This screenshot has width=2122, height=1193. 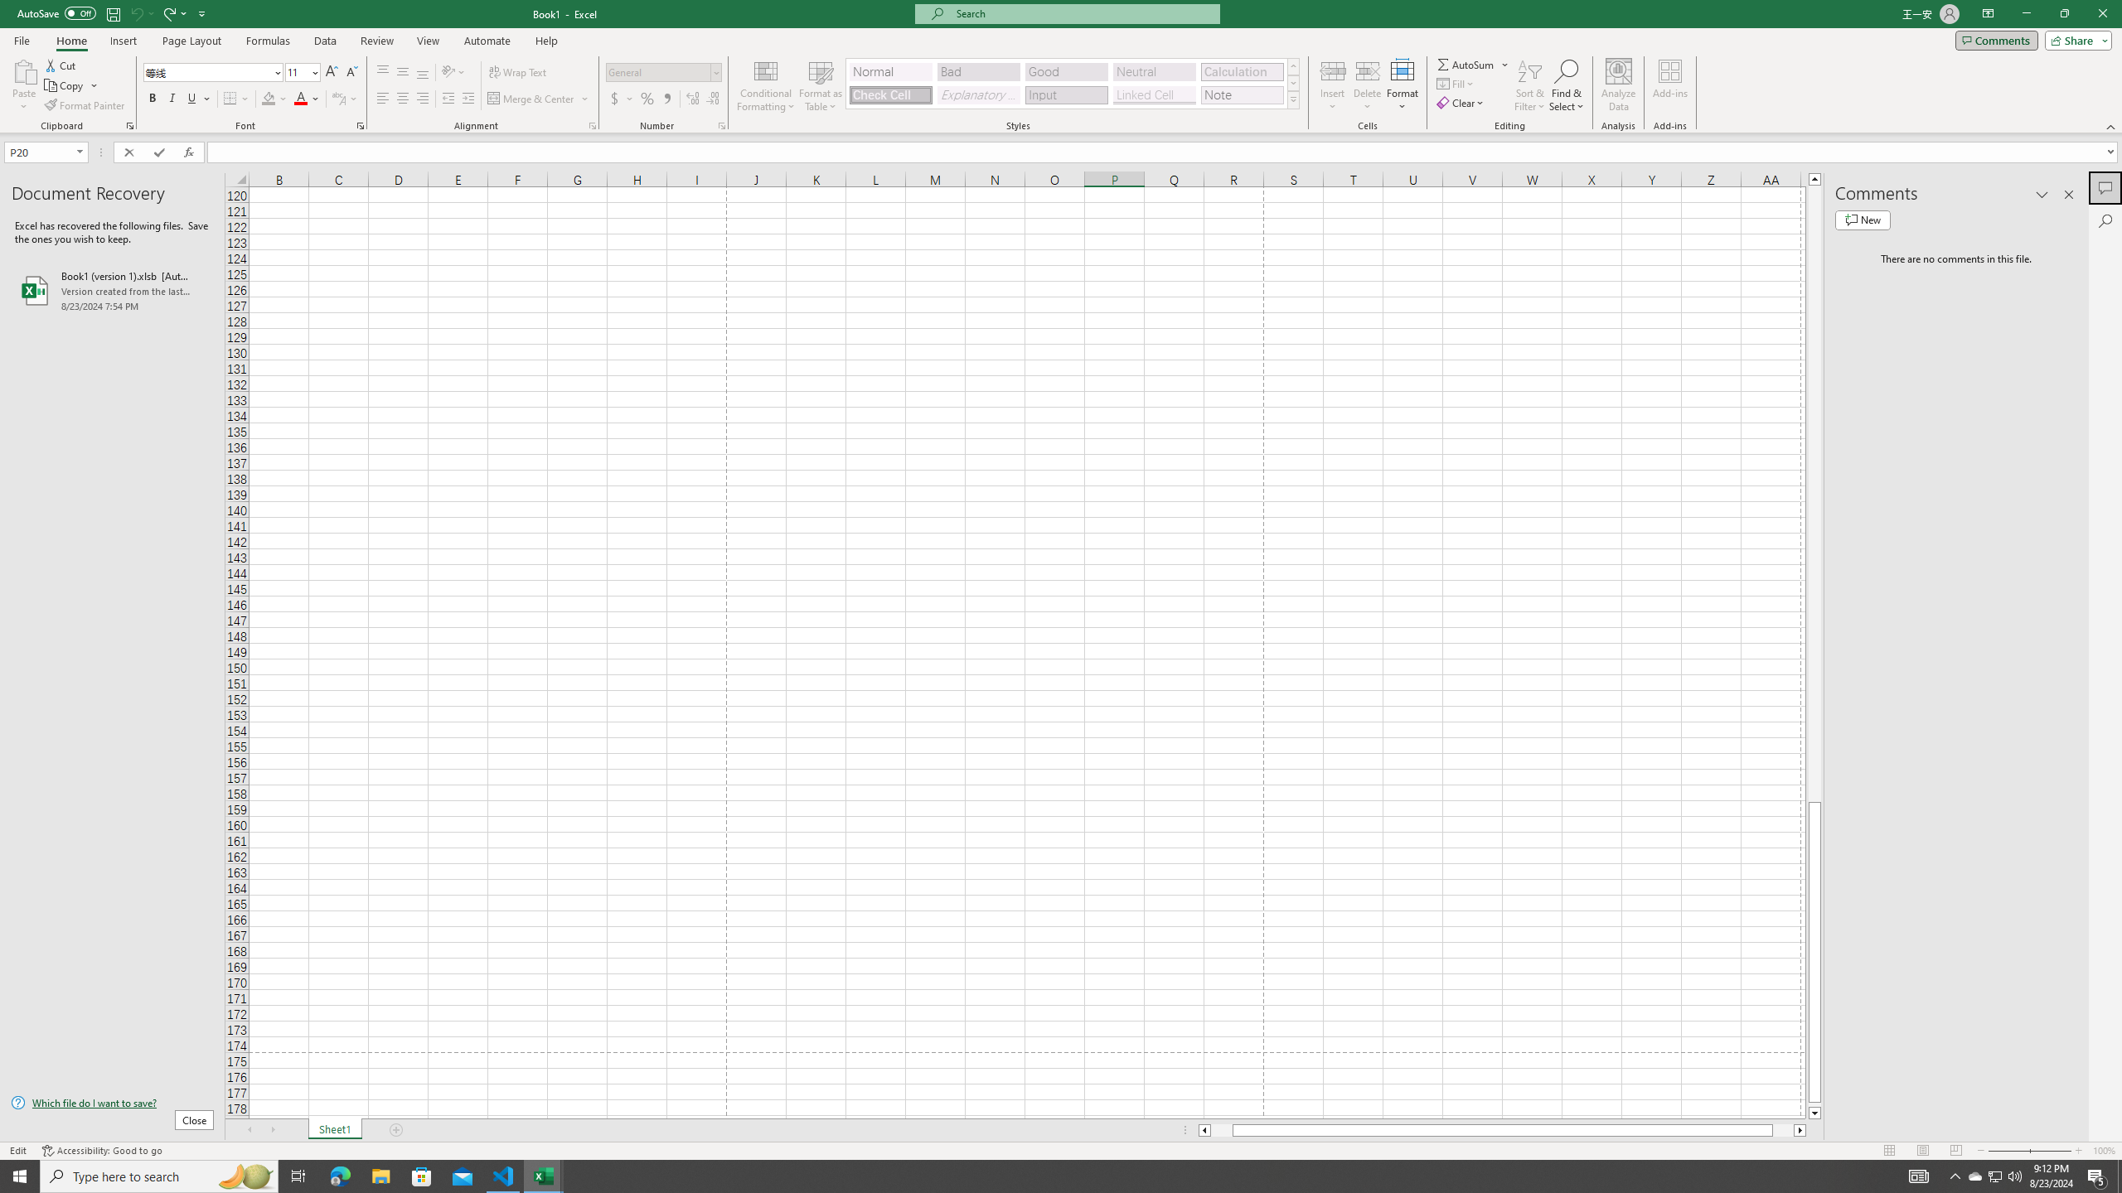 What do you see at coordinates (666, 98) in the screenshot?
I see `'Comma Style'` at bounding box center [666, 98].